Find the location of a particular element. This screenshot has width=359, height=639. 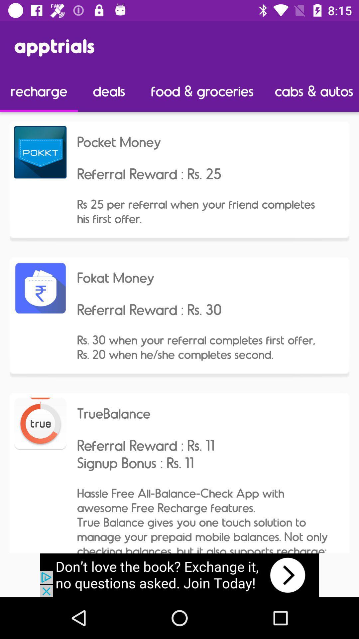

banner advertisement is located at coordinates (179, 575).